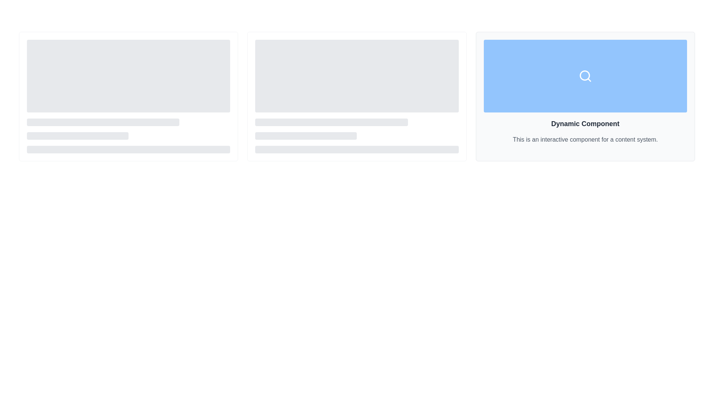 The width and height of the screenshot is (728, 409). I want to click on the small circular part of the magnifying glass icon, which is centrally positioned within the larger icon structure, so click(584, 75).